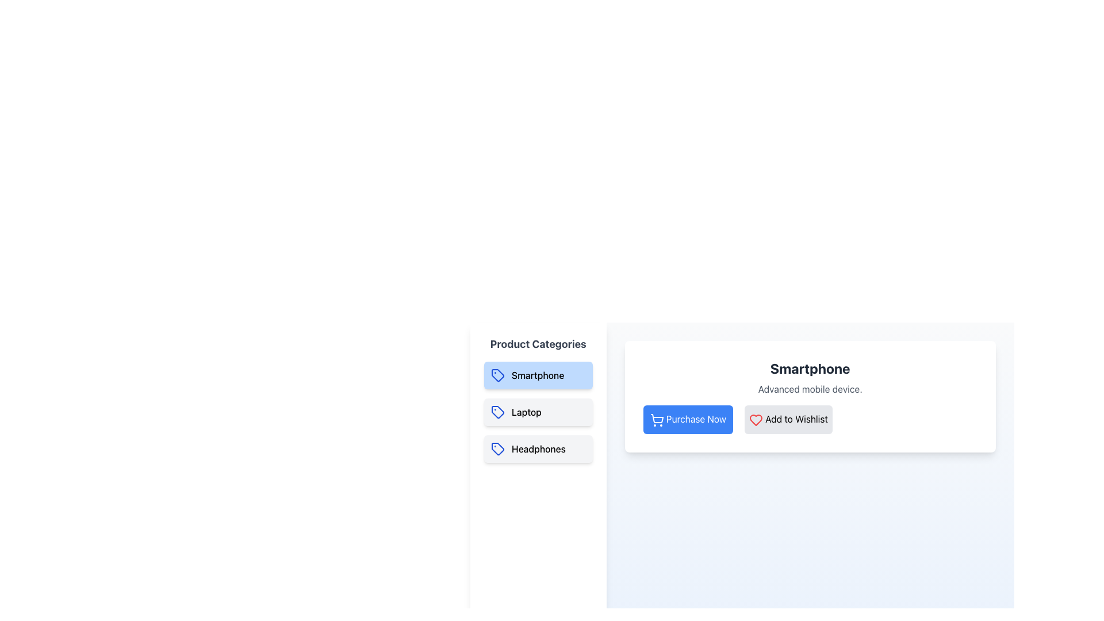  Describe the element at coordinates (538, 375) in the screenshot. I see `the 'Smartphone' category button, which is the first button in the 'Product Categories' list, featuring a light blue background and a tag icon` at that location.